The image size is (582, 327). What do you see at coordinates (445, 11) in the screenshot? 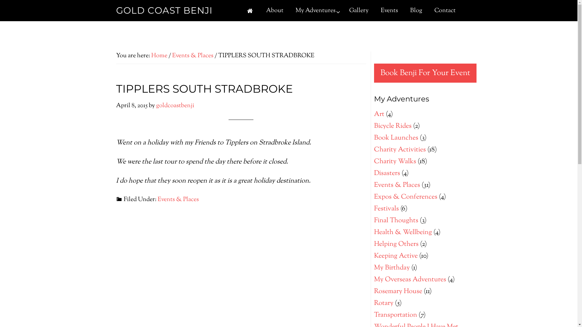
I see `'Contact'` at bounding box center [445, 11].